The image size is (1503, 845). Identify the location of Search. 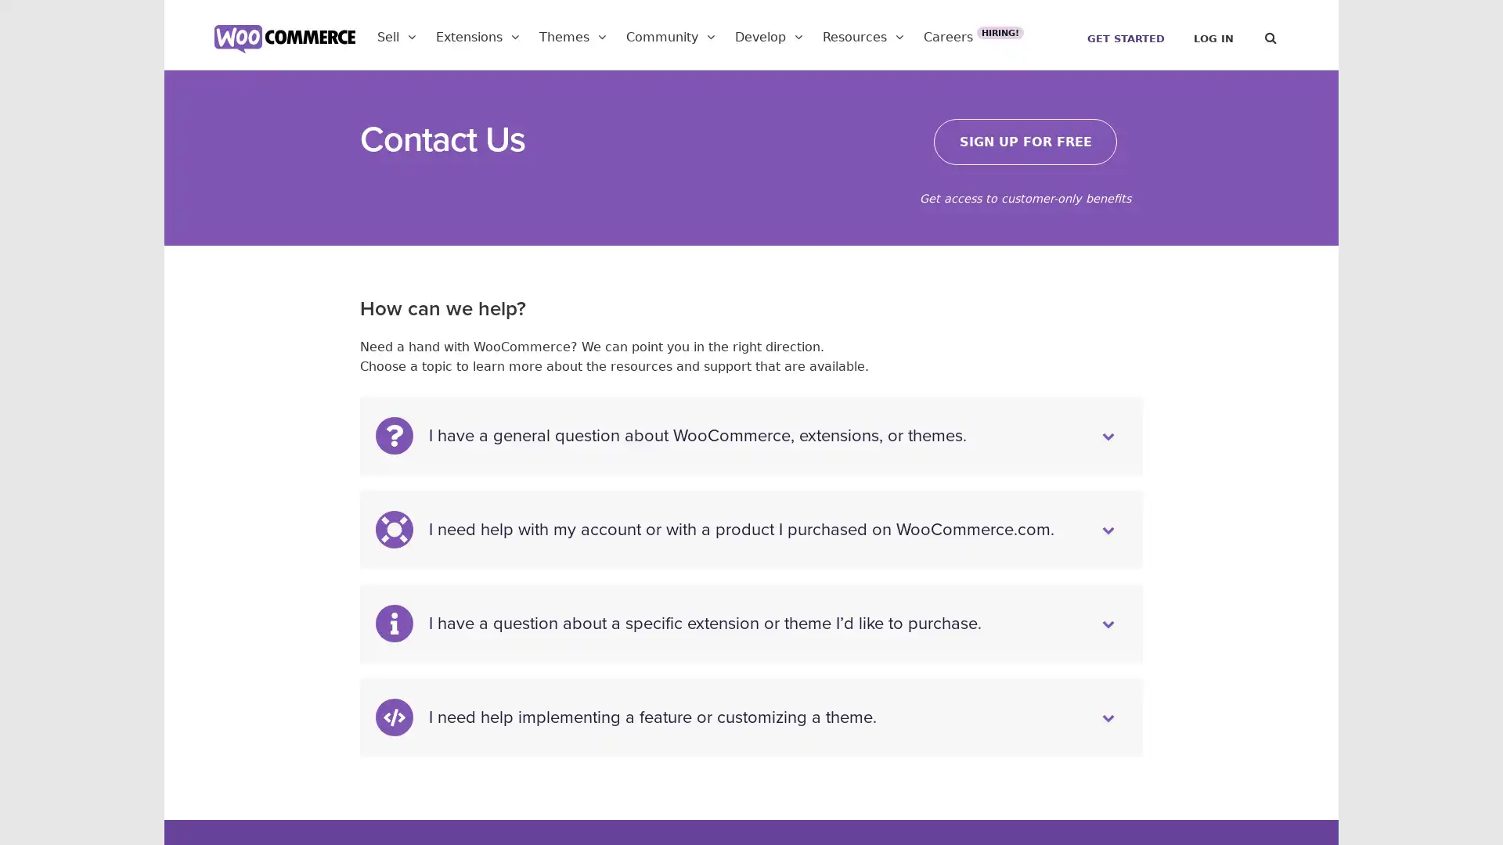
(1271, 38).